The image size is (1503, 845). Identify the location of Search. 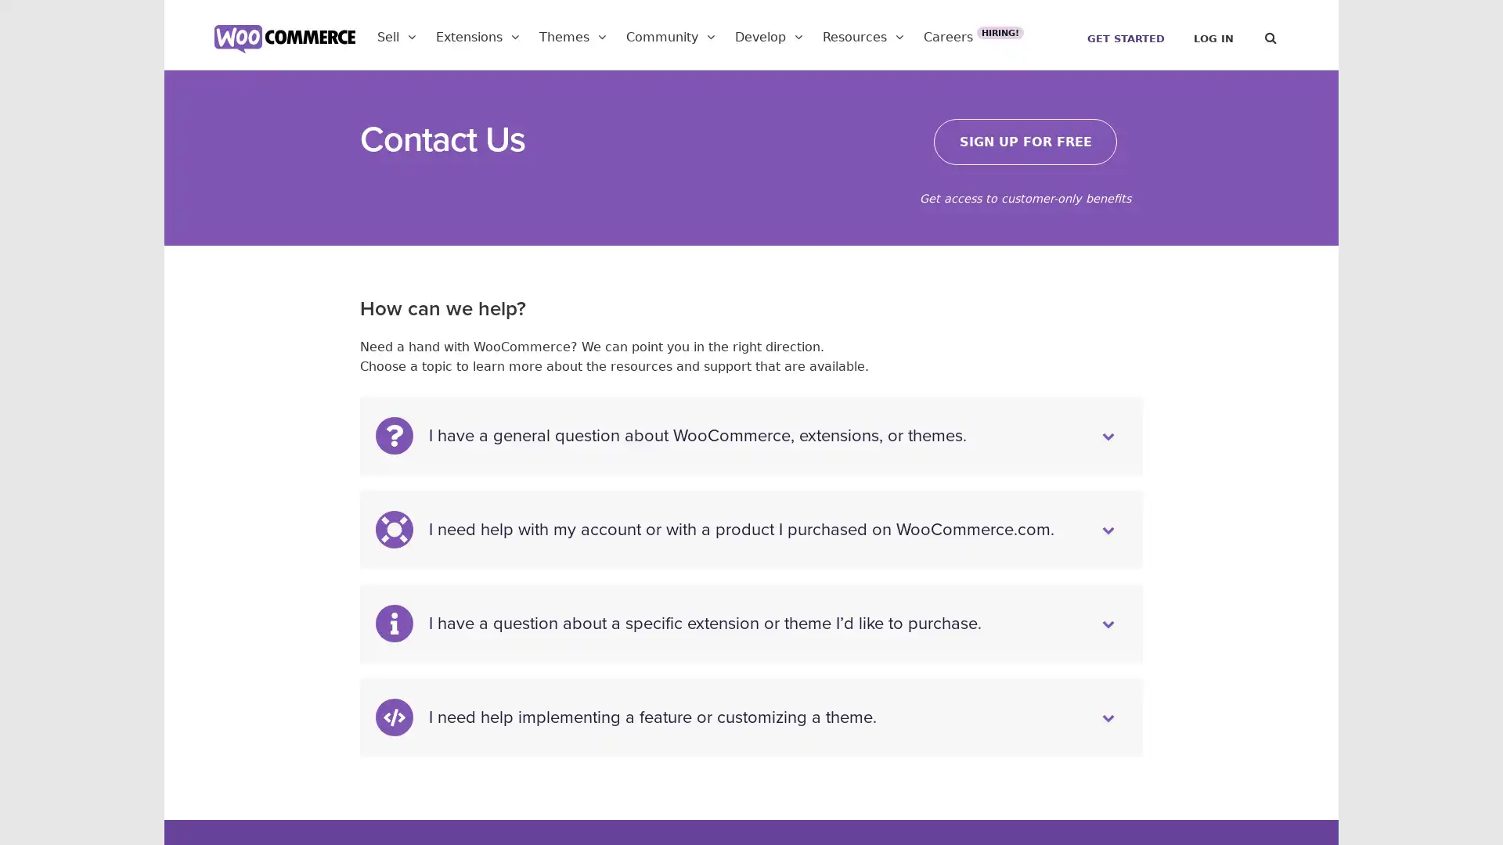
(1271, 38).